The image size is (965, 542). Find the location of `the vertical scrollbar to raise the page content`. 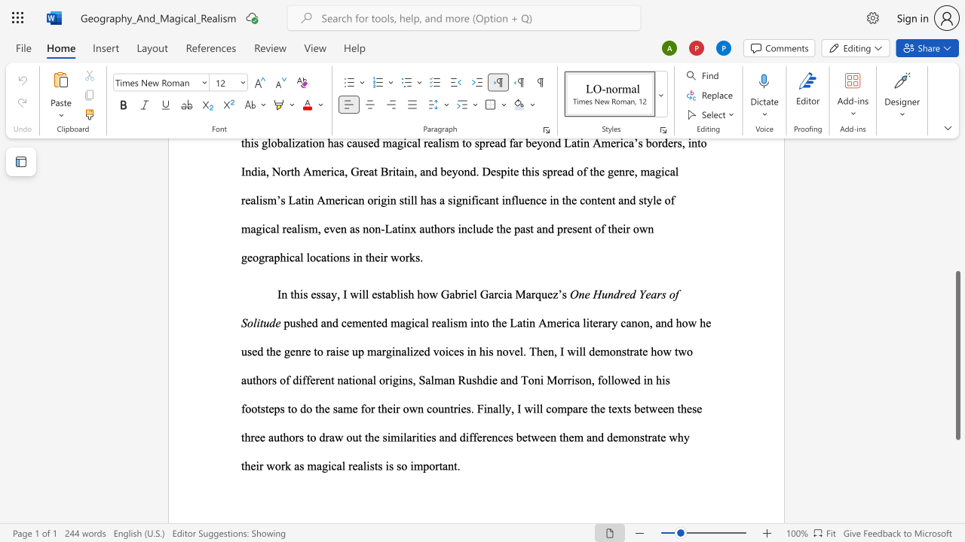

the vertical scrollbar to raise the page content is located at coordinates (957, 179).